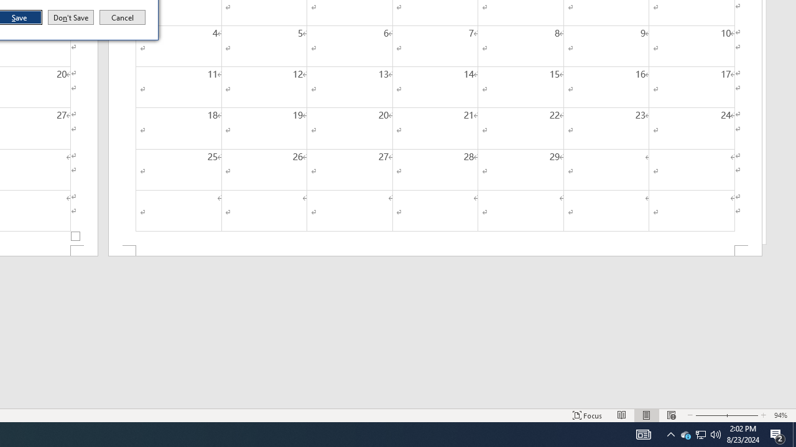  What do you see at coordinates (777, 433) in the screenshot?
I see `'Action Center, 2 new notifications'` at bounding box center [777, 433].